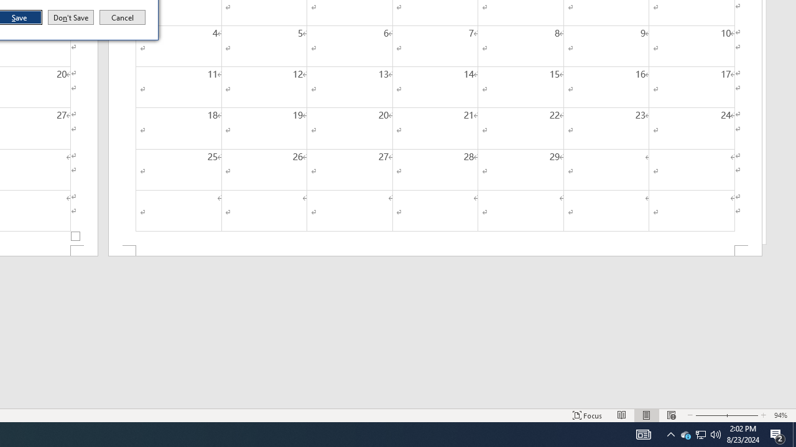  What do you see at coordinates (777, 433) in the screenshot?
I see `'Action Center, 2 new notifications'` at bounding box center [777, 433].